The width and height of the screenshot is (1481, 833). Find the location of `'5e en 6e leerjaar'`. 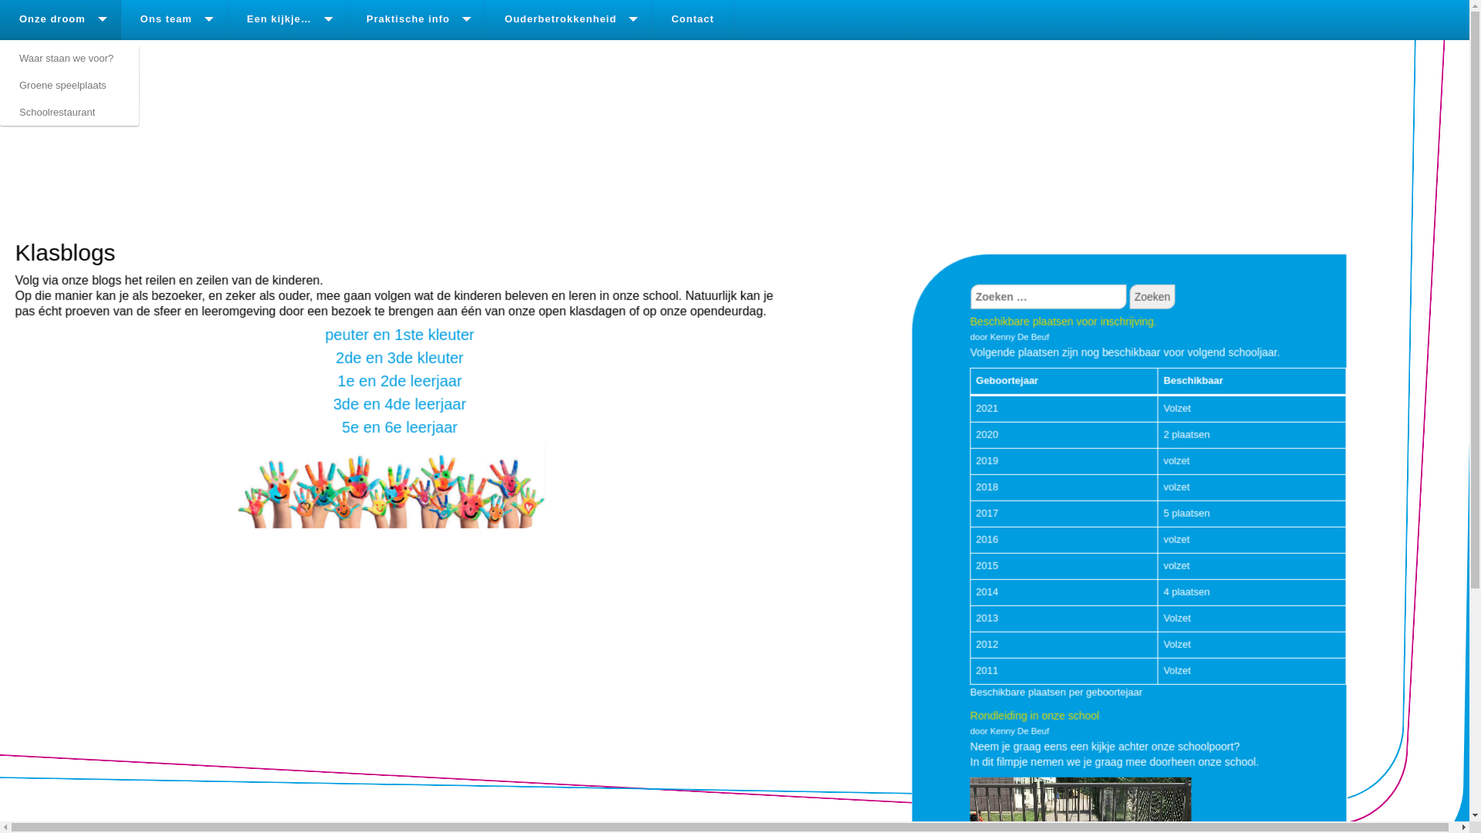

'5e en 6e leerjaar' is located at coordinates (400, 426).